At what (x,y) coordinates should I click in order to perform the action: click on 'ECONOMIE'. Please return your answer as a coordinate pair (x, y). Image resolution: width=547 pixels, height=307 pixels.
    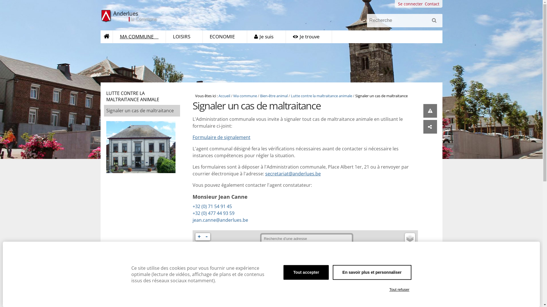
    Looking at the image, I should click on (203, 37).